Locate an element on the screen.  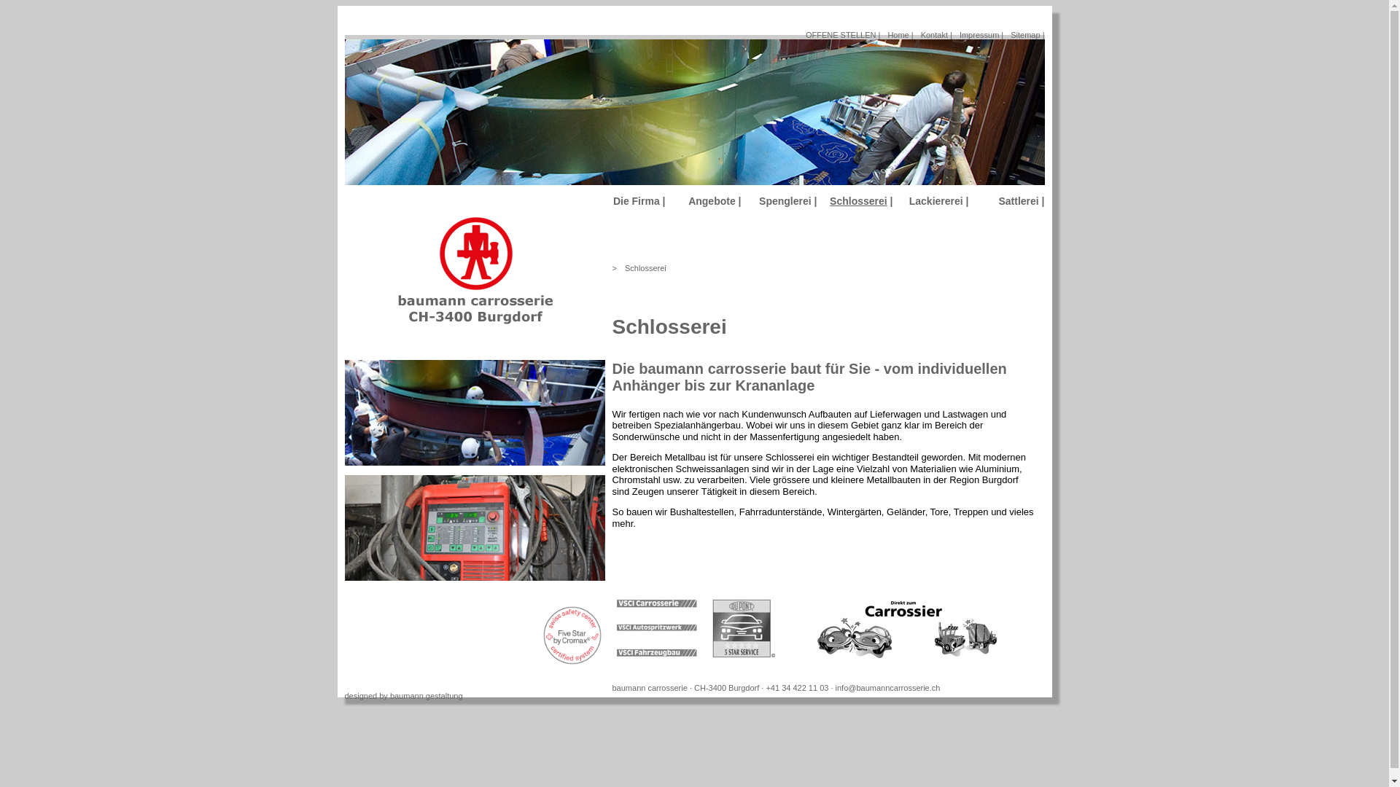
'Lackiererei' is located at coordinates (936, 201).